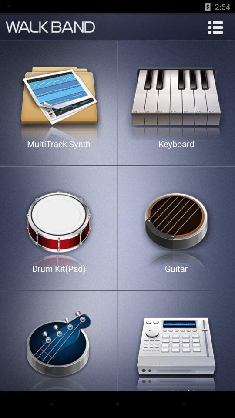  I want to click on the list icon, so click(215, 27).